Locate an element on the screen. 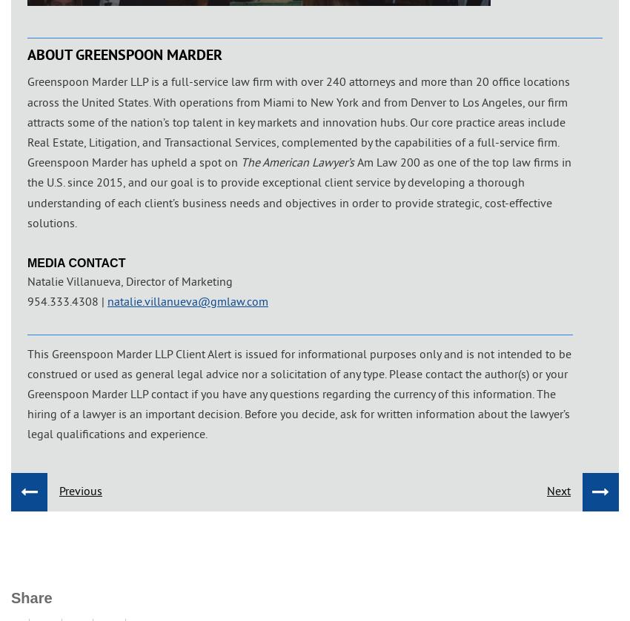 This screenshot has width=630, height=621. 'The American Lawyer’s' is located at coordinates (299, 161).